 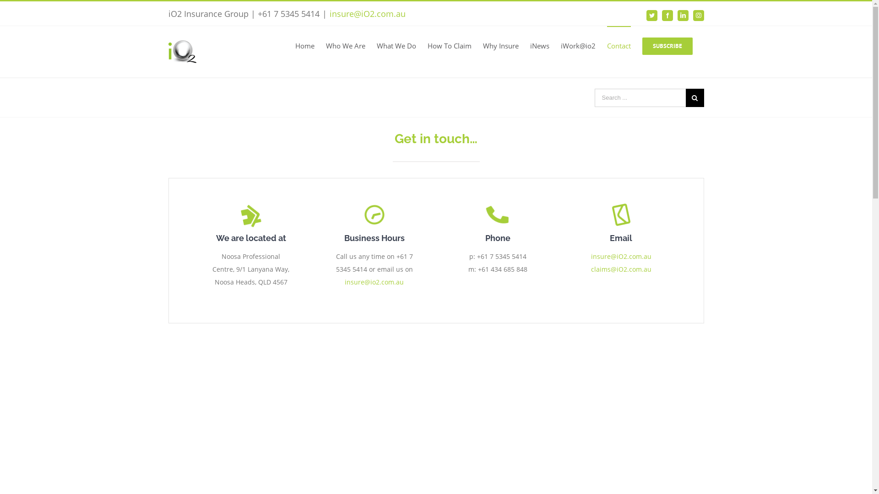 What do you see at coordinates (621, 268) in the screenshot?
I see `'claims@iO2.com.au'` at bounding box center [621, 268].